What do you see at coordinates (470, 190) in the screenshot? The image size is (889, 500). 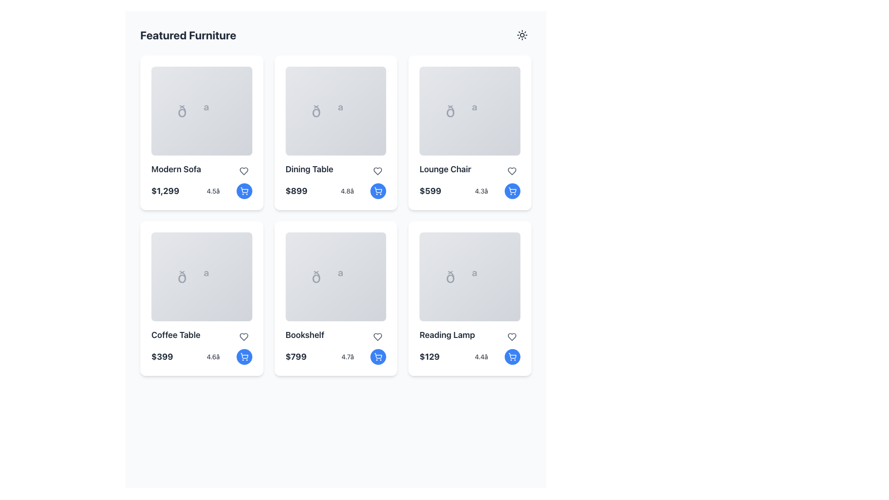 I see `the Combined textual display for price and rating of the Lounge Chair item, located at the bottom section of its card, just below the item name` at bounding box center [470, 190].